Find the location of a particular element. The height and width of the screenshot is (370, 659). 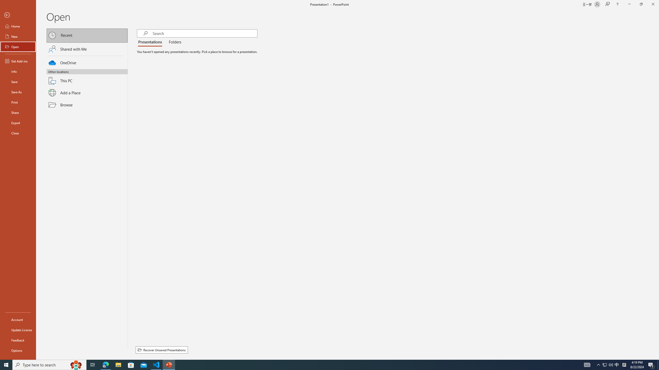

'Presentations' is located at coordinates (151, 42).